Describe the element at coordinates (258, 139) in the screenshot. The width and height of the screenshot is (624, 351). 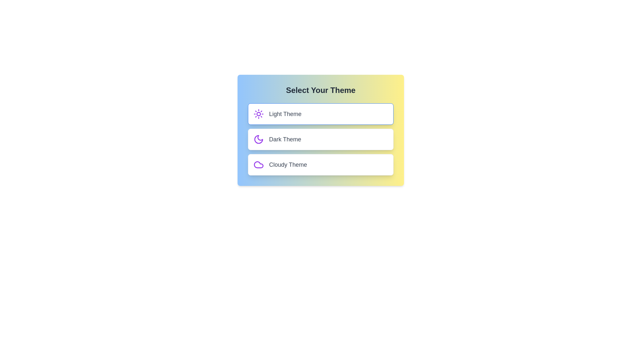
I see `the graphical icon representing the moon shape with a purple outline, located to the left of the 'Dark Theme' text within the middle option box` at that location.